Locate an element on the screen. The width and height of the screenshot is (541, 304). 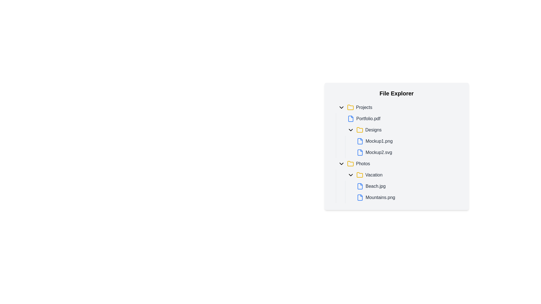
the text label identifying the file named 'Mockup2.svg' in the 'Designs' folder, positioned as the second file listed in the file explorer interface is located at coordinates (379, 153).